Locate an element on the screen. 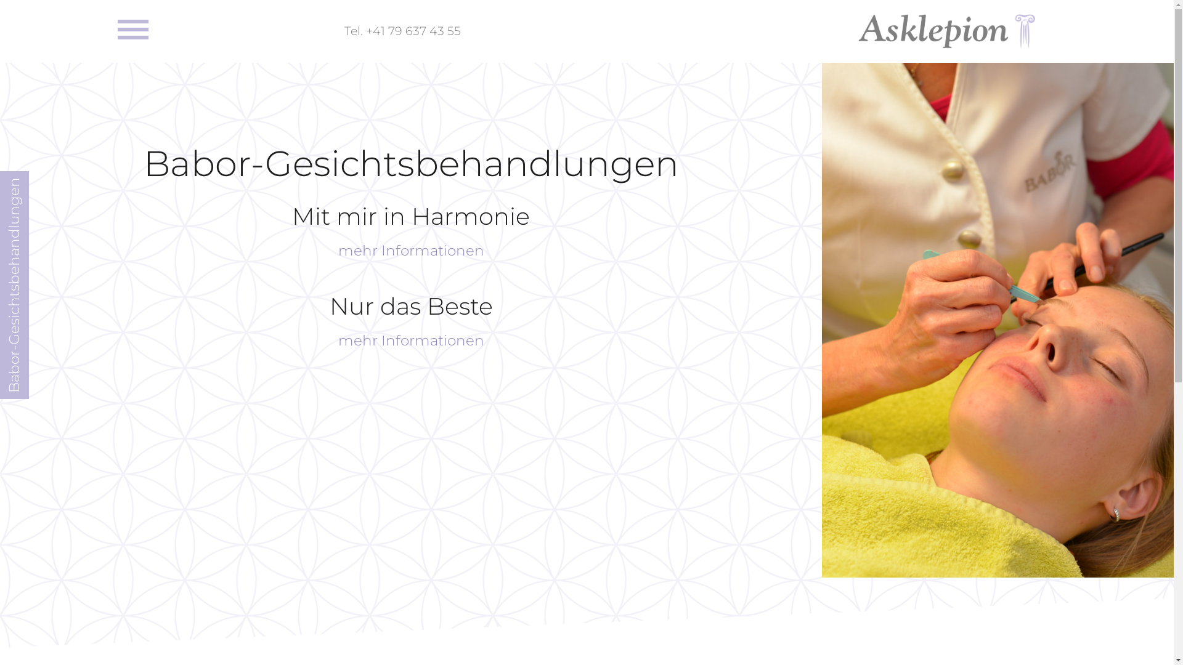 This screenshot has width=1183, height=665. 'mehr Informationen' is located at coordinates (411, 250).